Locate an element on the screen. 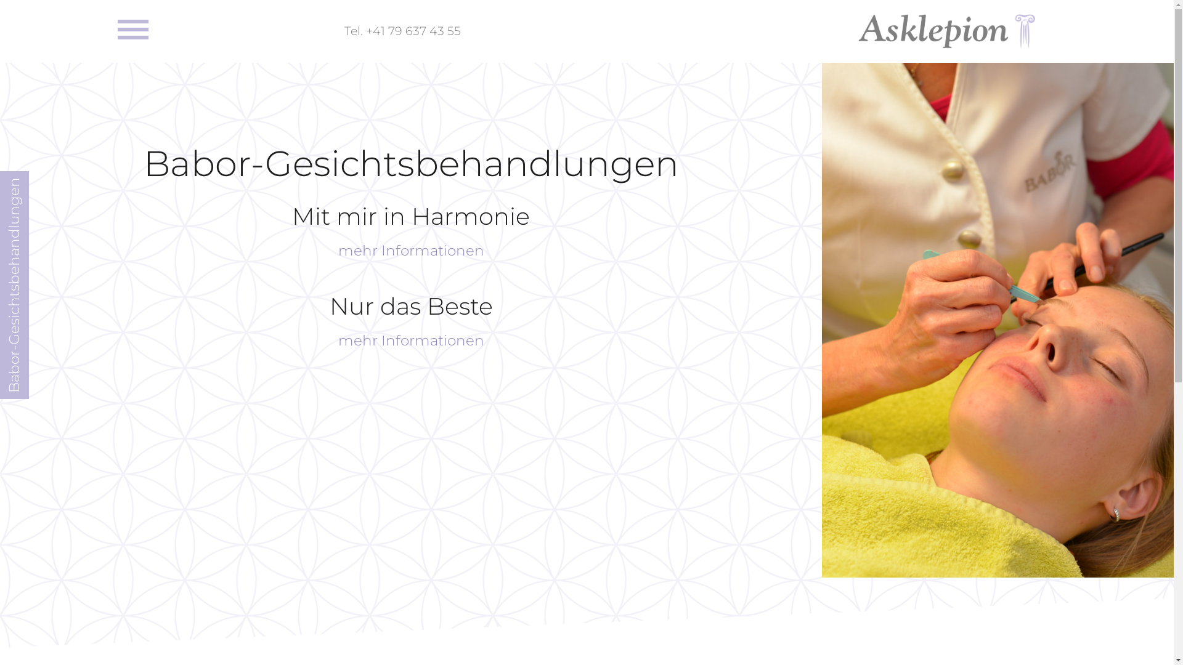 This screenshot has width=1183, height=665. 'mehr Informationen' is located at coordinates (411, 250).